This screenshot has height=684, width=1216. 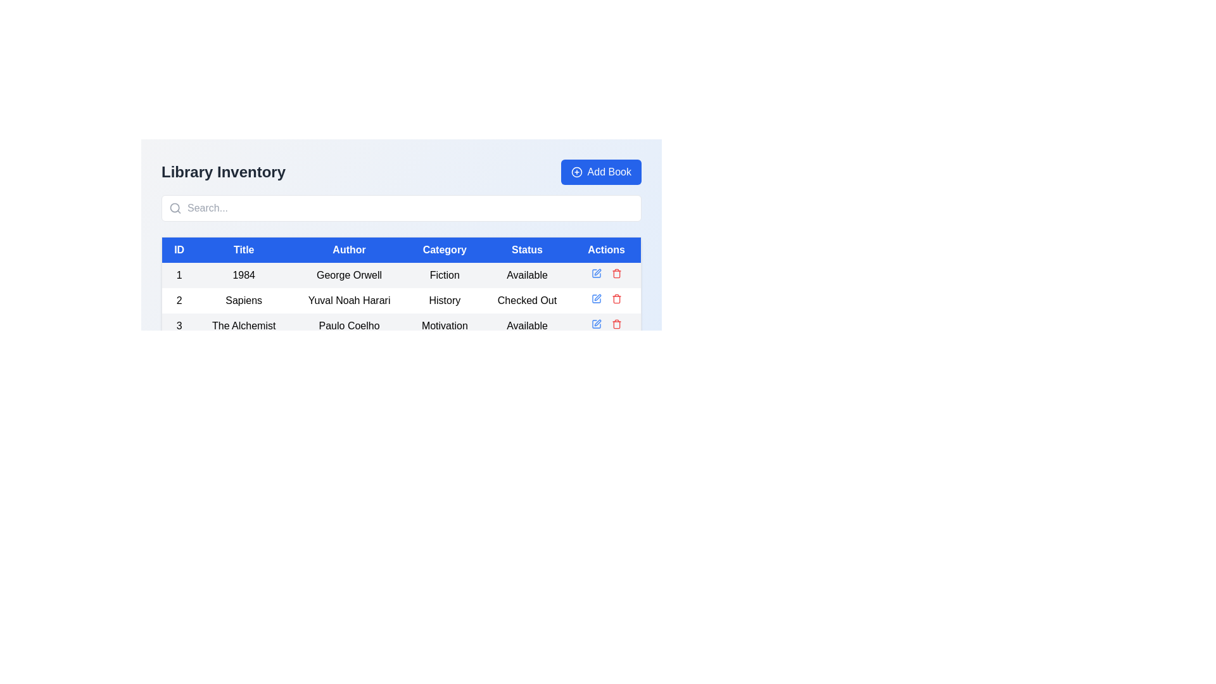 What do you see at coordinates (349, 326) in the screenshot?
I see `the static text element displaying the author of the book 'The Alchemist' in the library inventory system, located in the third row under the 'Author' column` at bounding box center [349, 326].